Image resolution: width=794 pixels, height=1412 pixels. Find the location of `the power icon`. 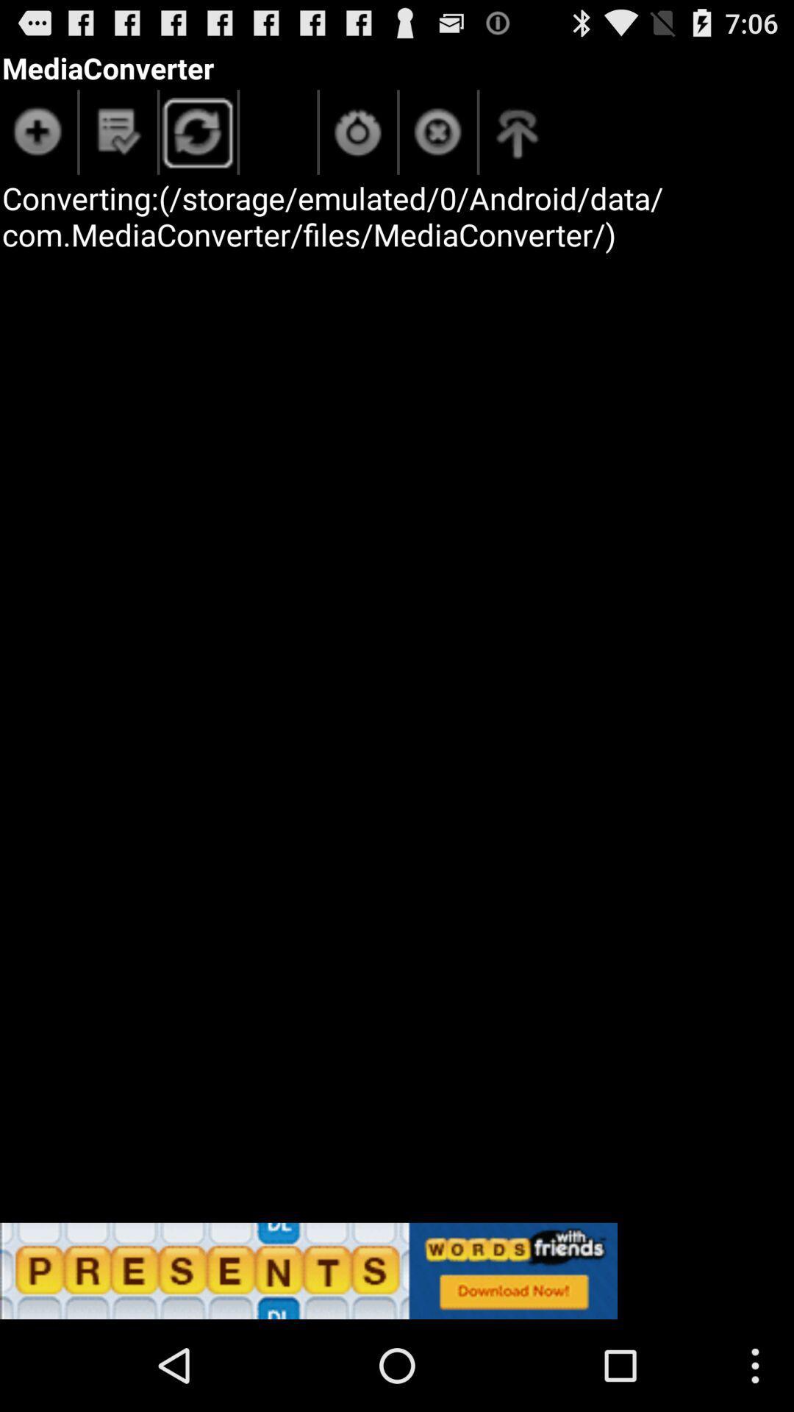

the power icon is located at coordinates (358, 146).